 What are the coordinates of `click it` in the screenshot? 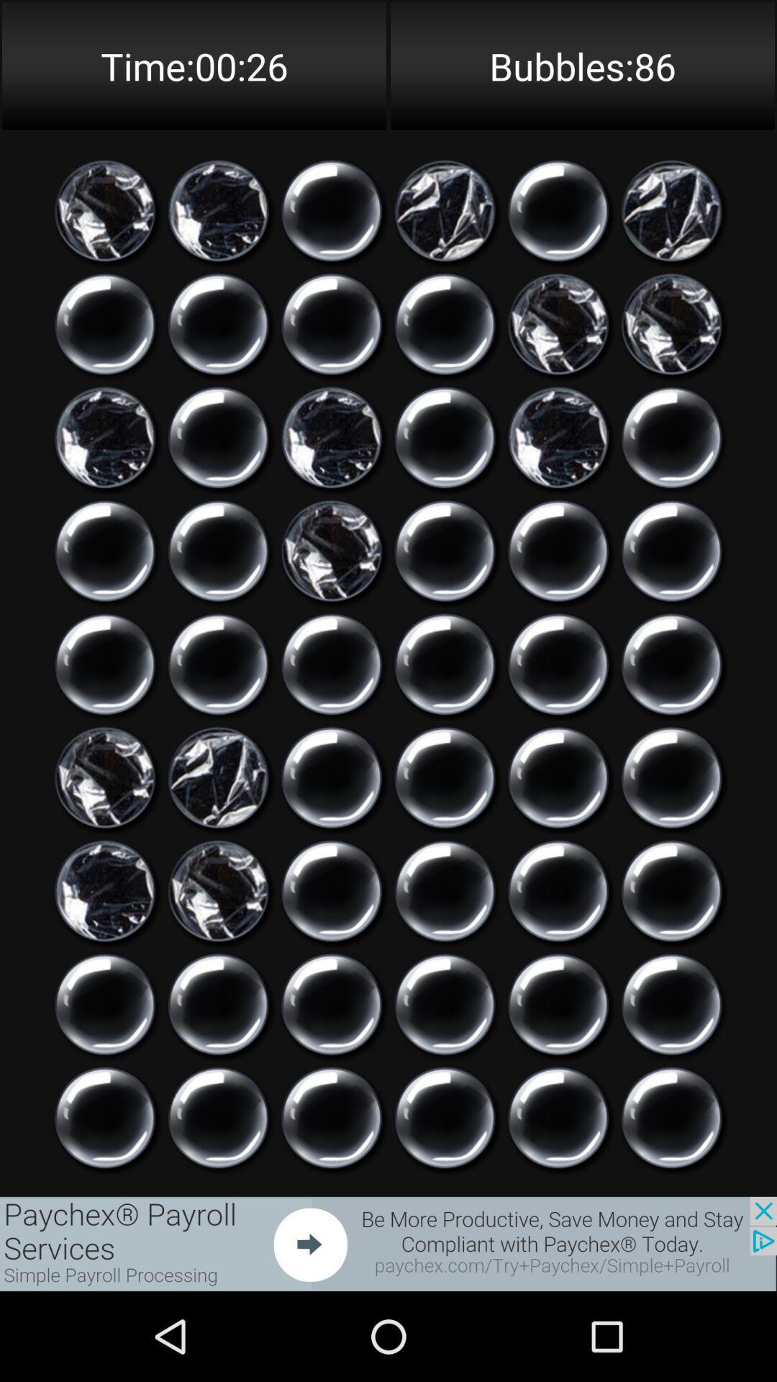 It's located at (444, 1117).